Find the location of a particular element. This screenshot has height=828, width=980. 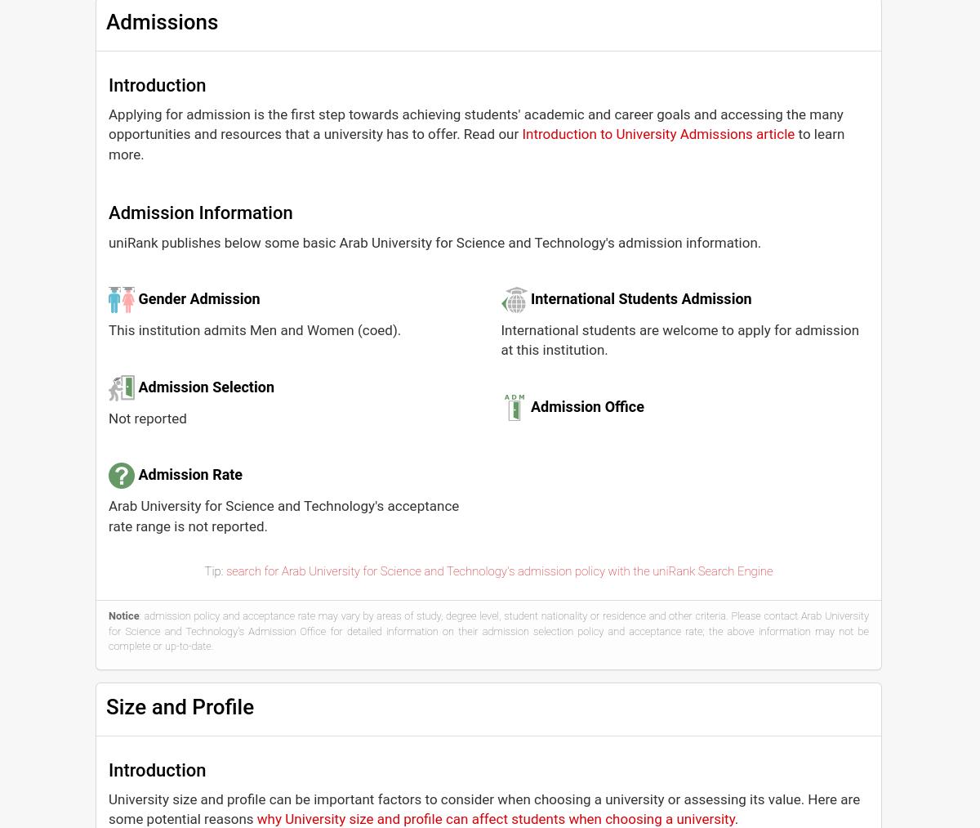

'Applying for admission is the first step towards achieving students' academic and career goals and accessing the many opportunities and resources that a university has to offer. Read our' is located at coordinates (474, 123).